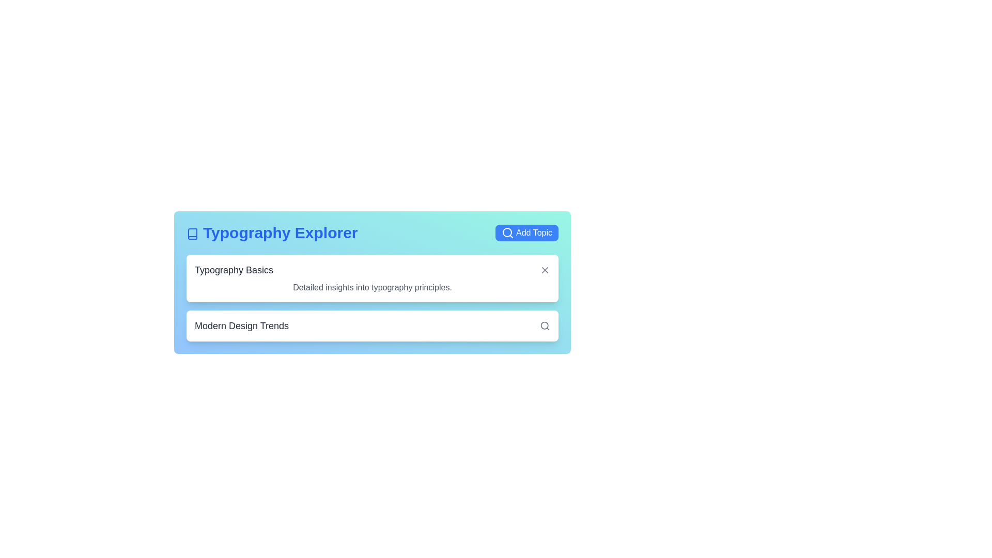  I want to click on the text label located at the bottom center of the card under the heading 'Typography Explorer', which is positioned directly below the 'Typography Basics' section, so click(241, 326).